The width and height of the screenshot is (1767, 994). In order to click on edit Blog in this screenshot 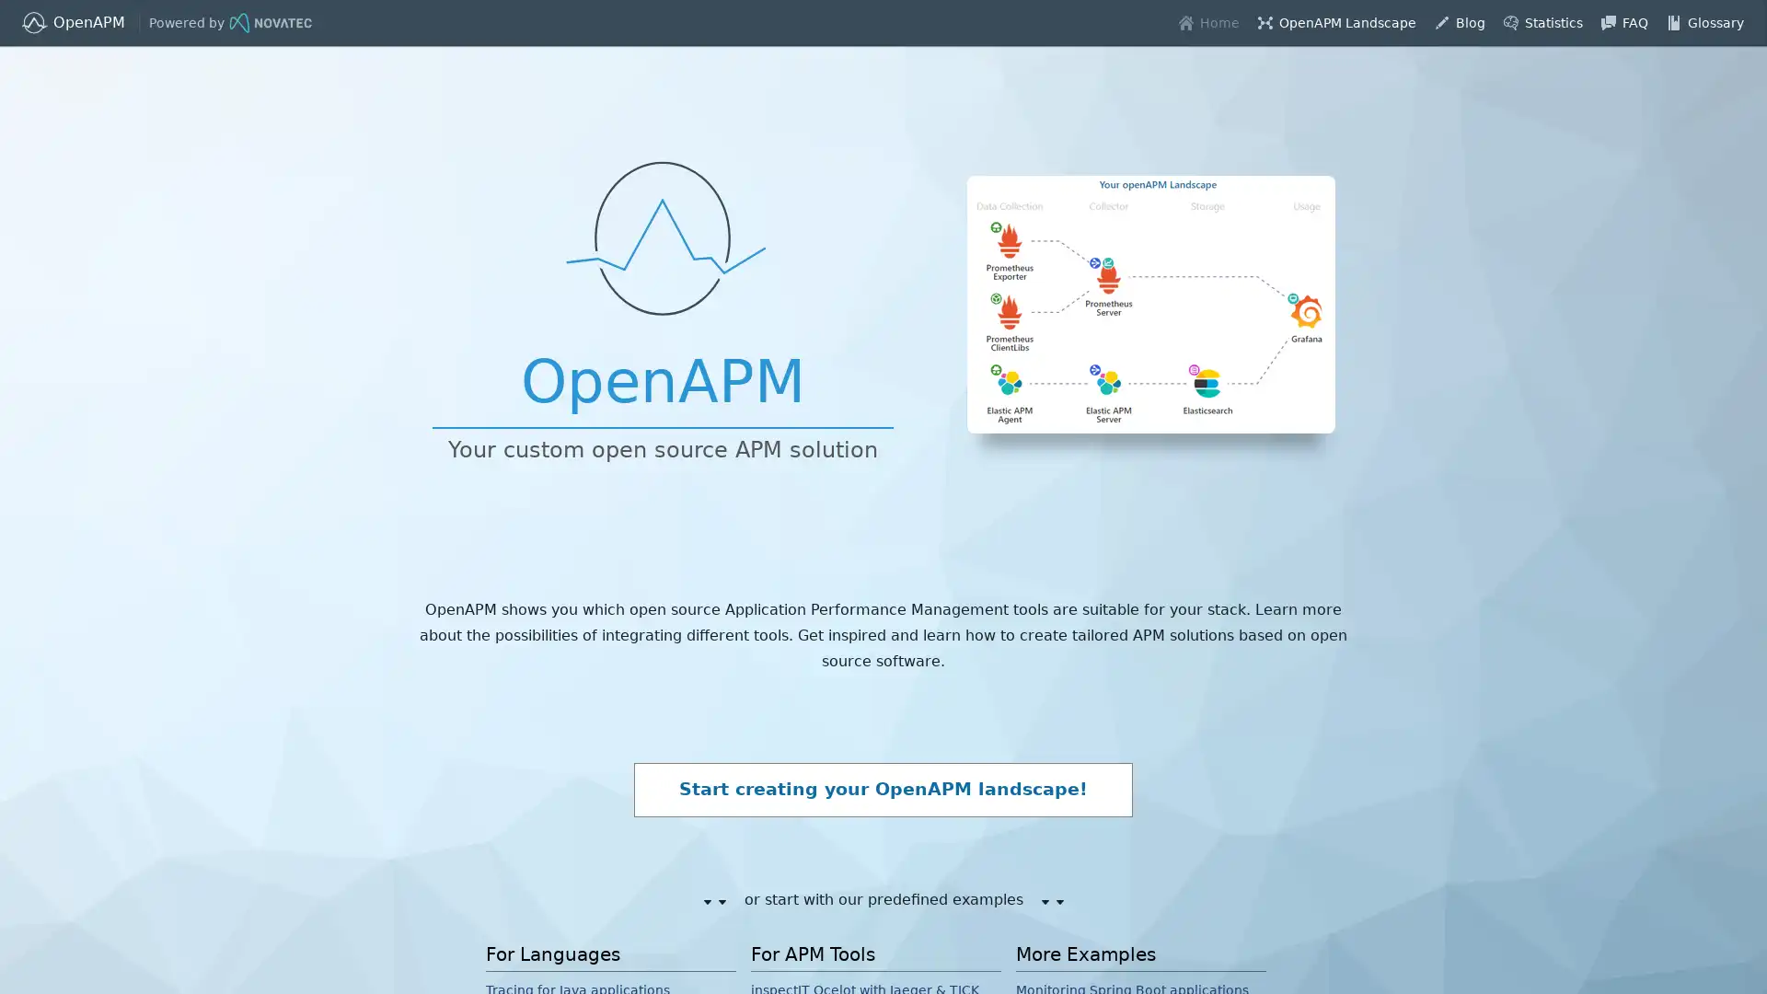, I will do `click(1459, 22)`.